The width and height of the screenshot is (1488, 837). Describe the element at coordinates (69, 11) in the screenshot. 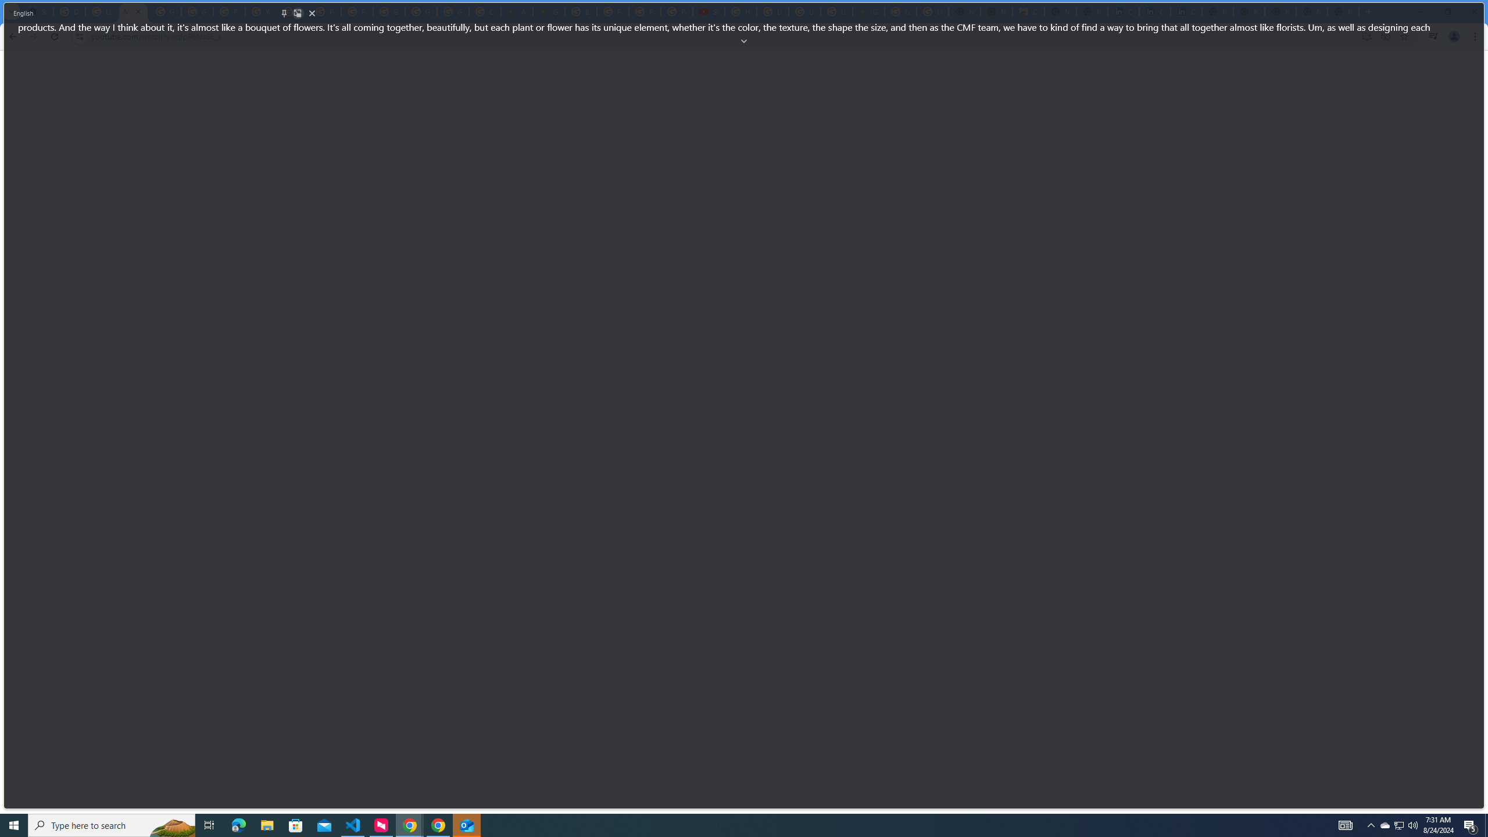

I see `'Delete photos & videos - Computer - Google Photos Help'` at that location.